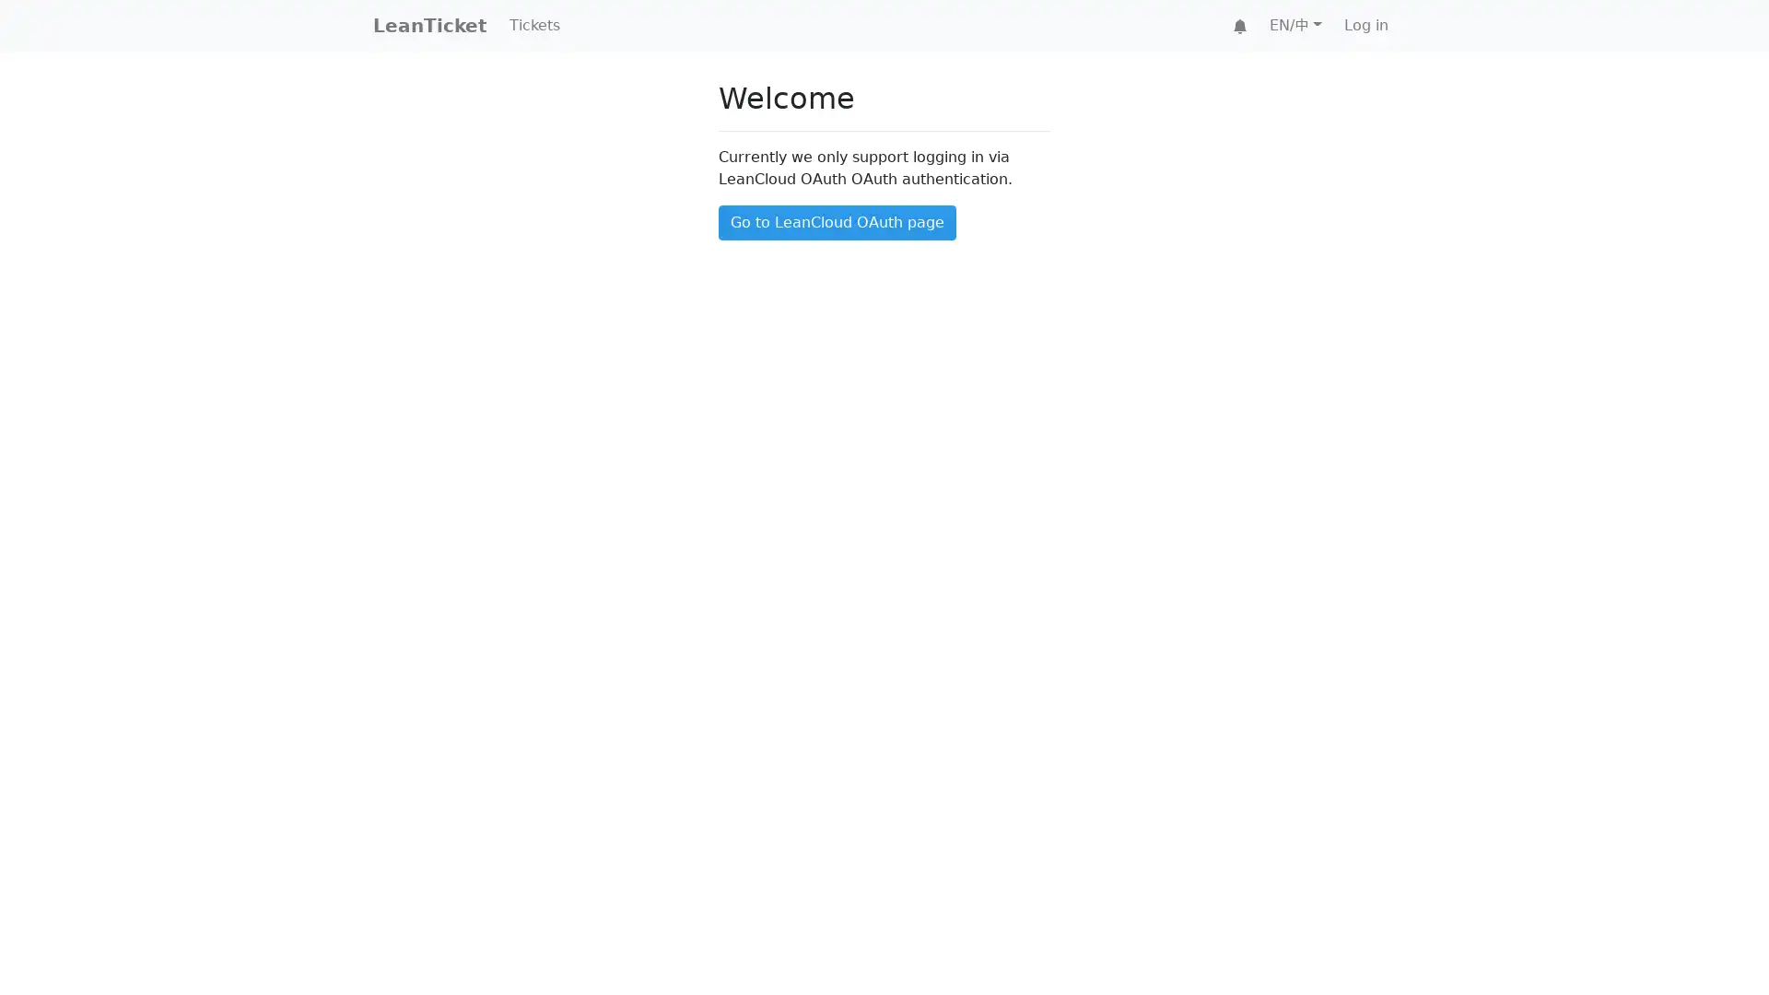  I want to click on Go to LeanCloud OAuth page, so click(836, 222).